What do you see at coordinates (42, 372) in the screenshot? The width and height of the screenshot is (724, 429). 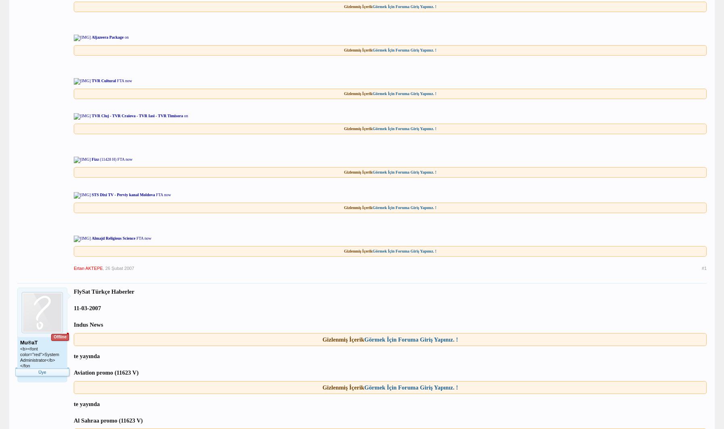 I see `'Üye'` at bounding box center [42, 372].